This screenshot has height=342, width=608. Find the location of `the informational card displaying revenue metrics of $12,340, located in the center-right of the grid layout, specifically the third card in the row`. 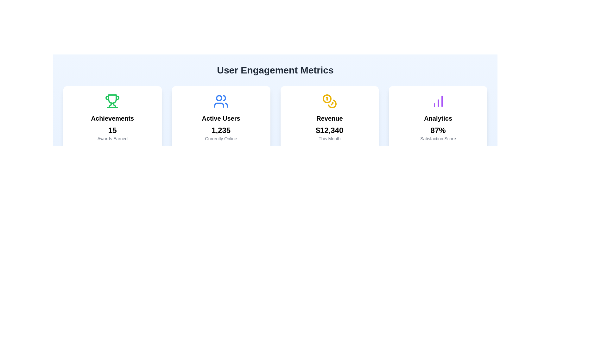

the informational card displaying revenue metrics of $12,340, located in the center-right of the grid layout, specifically the third card in the row is located at coordinates (329, 117).